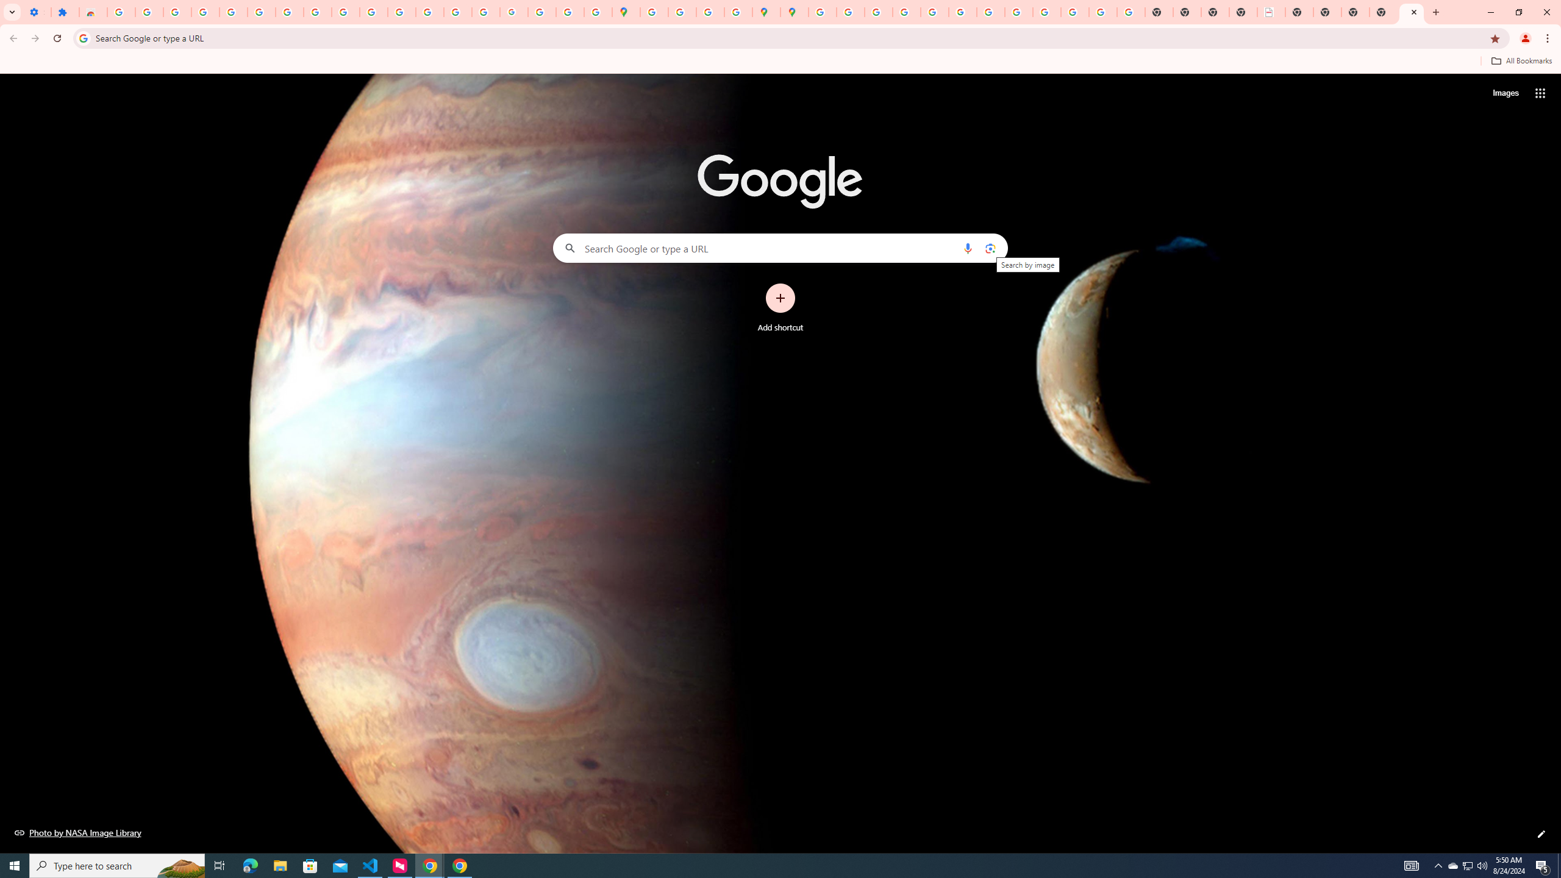  What do you see at coordinates (626, 12) in the screenshot?
I see `'Google Maps'` at bounding box center [626, 12].